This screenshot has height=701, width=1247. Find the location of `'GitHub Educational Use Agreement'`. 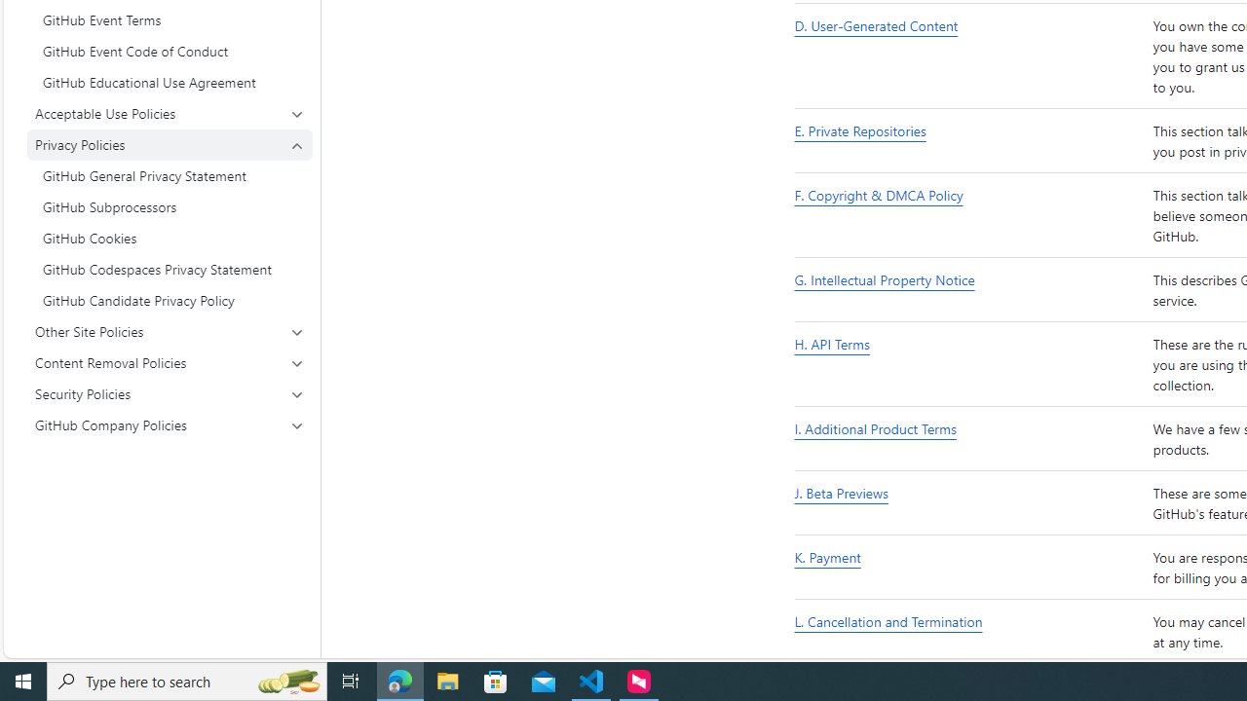

'GitHub Educational Use Agreement' is located at coordinates (170, 81).